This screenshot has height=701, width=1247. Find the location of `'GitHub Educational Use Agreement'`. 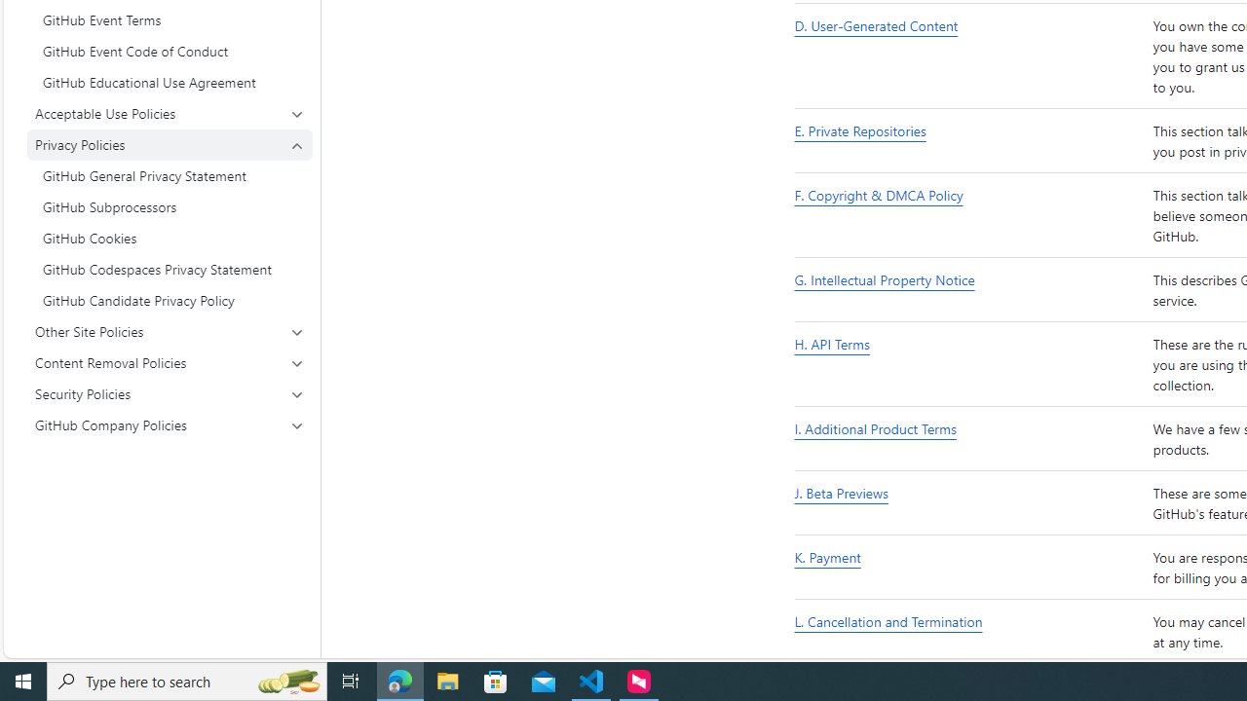

'GitHub Educational Use Agreement' is located at coordinates (170, 81).